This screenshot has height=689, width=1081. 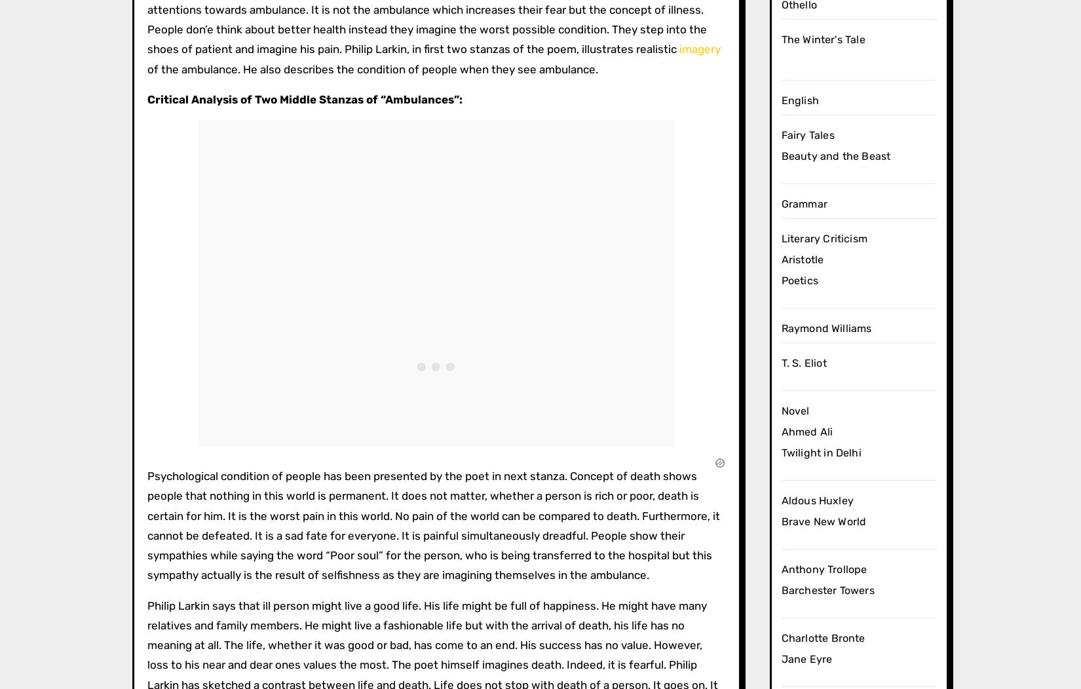 I want to click on 'Drama', so click(x=710, y=202).